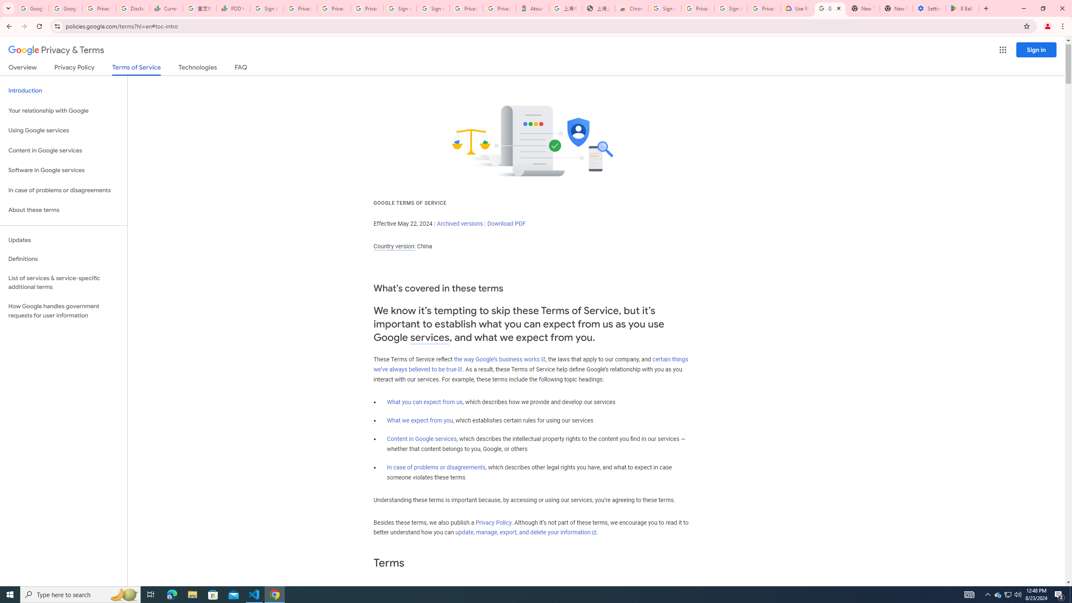 Image resolution: width=1072 pixels, height=603 pixels. What do you see at coordinates (896, 8) in the screenshot?
I see `'New Tab'` at bounding box center [896, 8].